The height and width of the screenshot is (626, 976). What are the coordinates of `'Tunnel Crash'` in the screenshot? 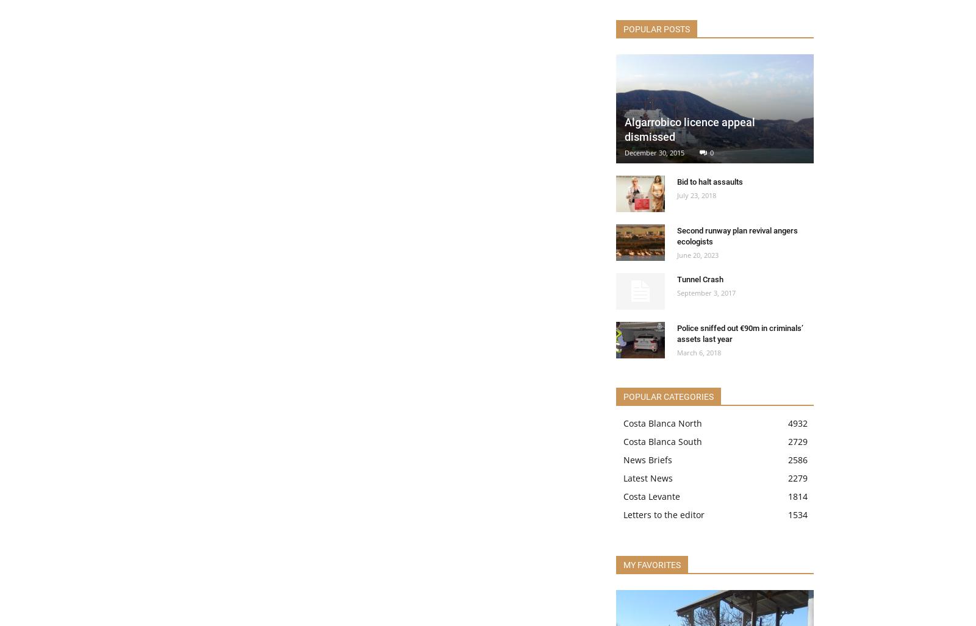 It's located at (700, 279).